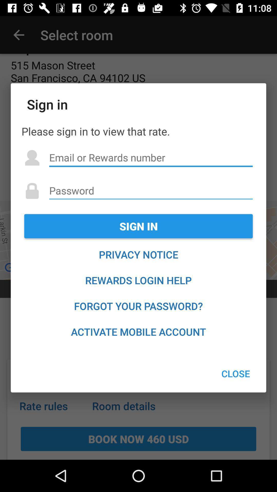 The width and height of the screenshot is (277, 492). I want to click on the icon below privacy notice icon, so click(138, 280).